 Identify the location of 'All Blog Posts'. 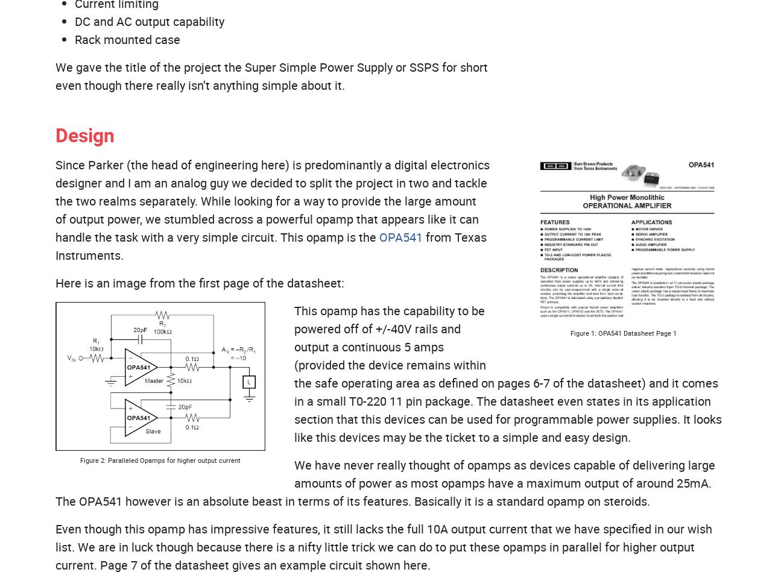
(396, 256).